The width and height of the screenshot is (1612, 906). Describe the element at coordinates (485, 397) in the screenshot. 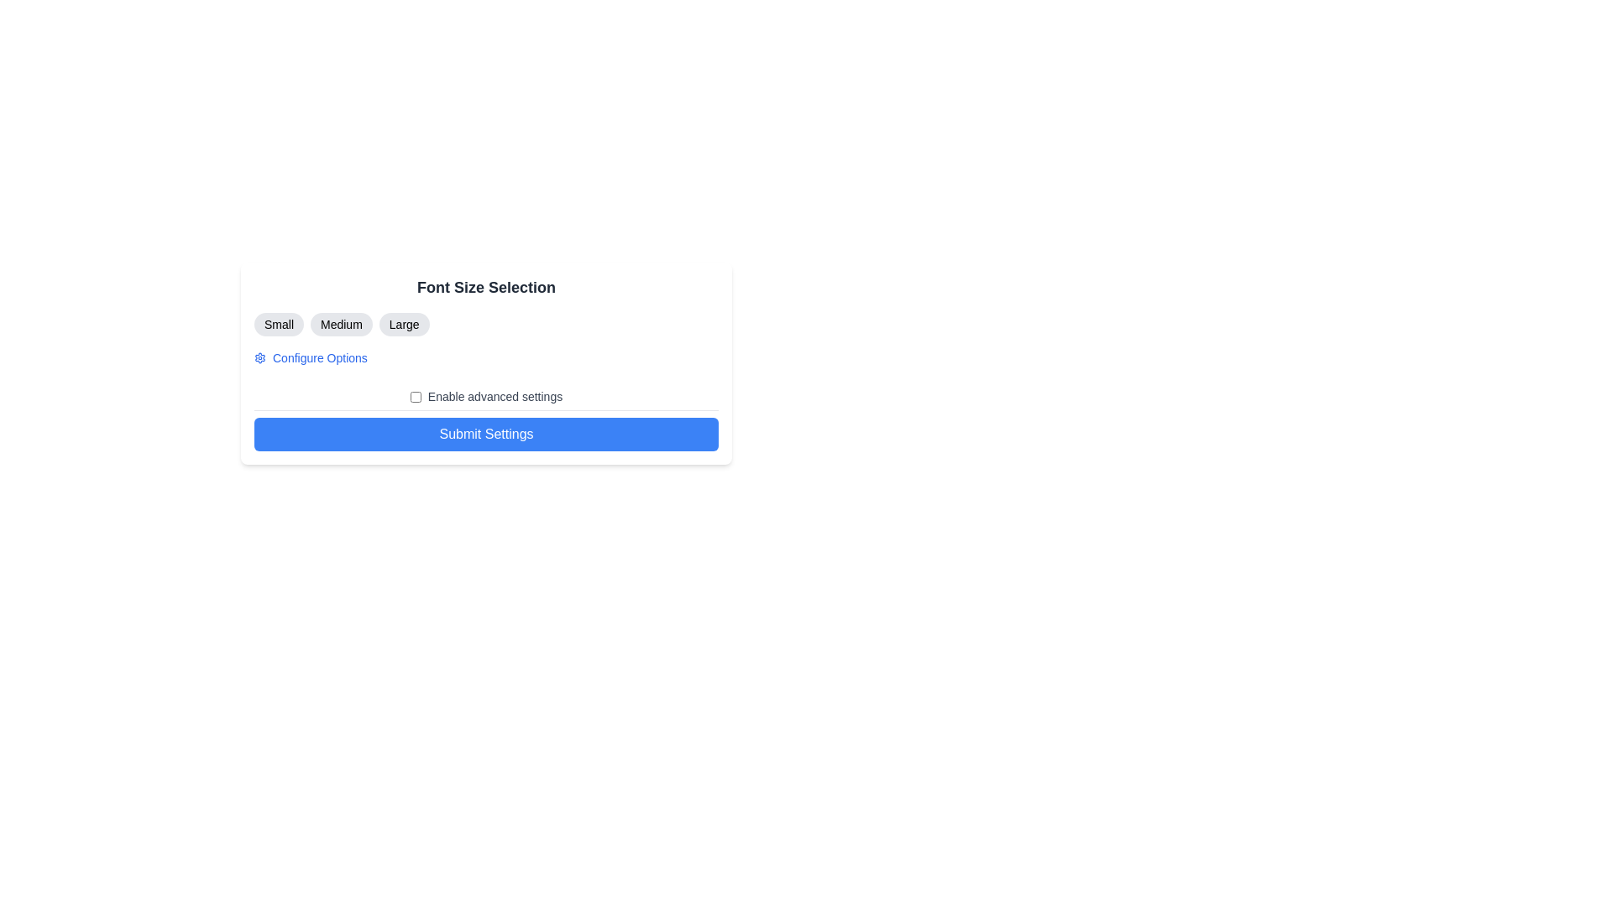

I see `the checkbox labeled 'Enable advanced settings' which is positioned below the 'Configure Options' text link and above the 'Submit Settings' button` at that location.